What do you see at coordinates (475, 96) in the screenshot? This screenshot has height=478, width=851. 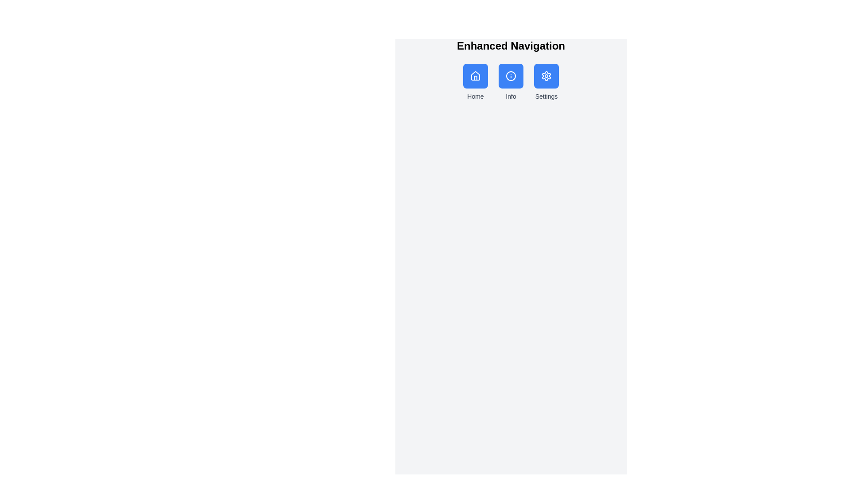 I see `the Text Label that serves as a descriptive label for the corresponding icon above it, which likely links to the homepage or a primary navigation section of the application` at bounding box center [475, 96].